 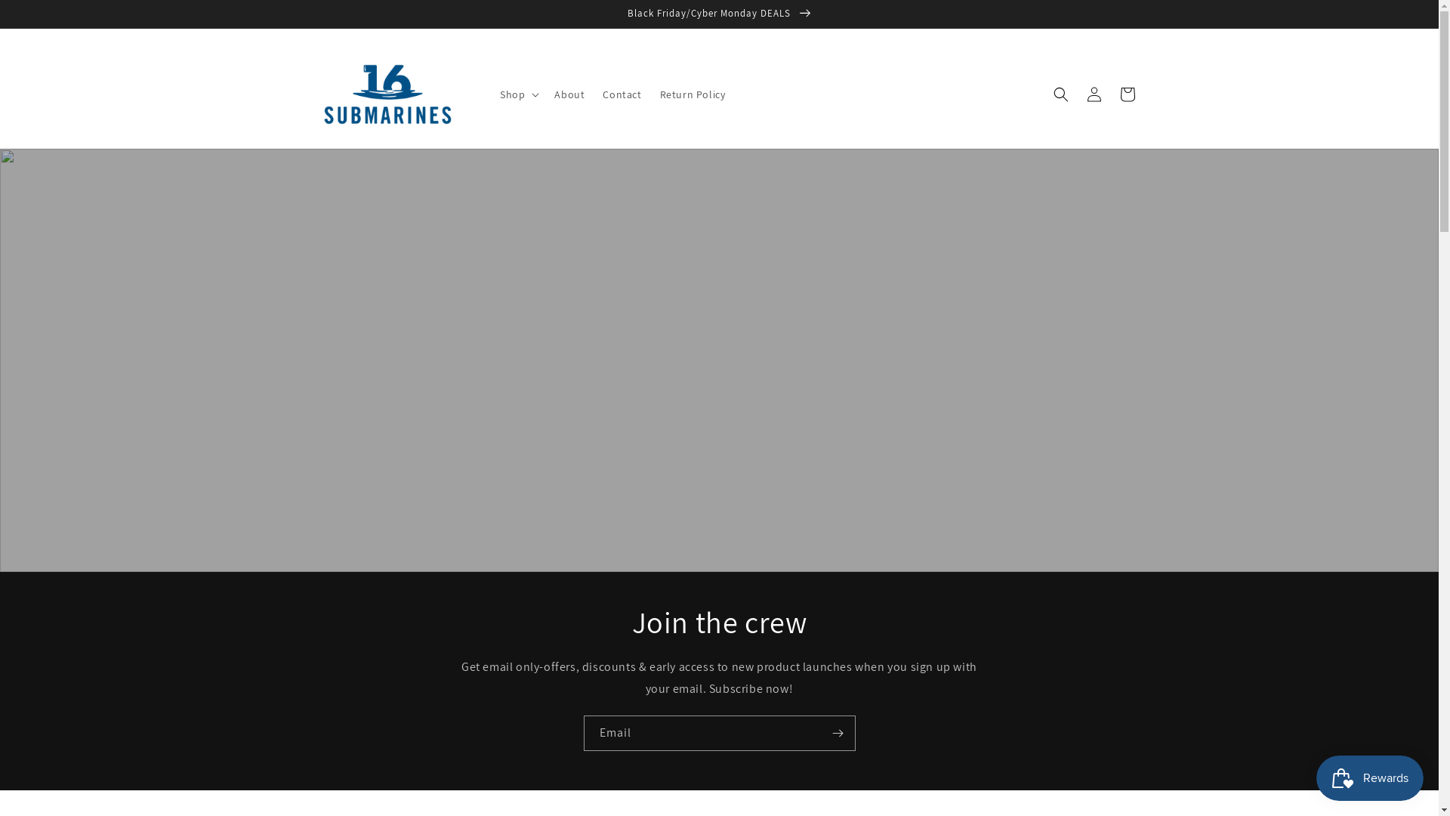 I want to click on 'Log in', so click(x=1094, y=94).